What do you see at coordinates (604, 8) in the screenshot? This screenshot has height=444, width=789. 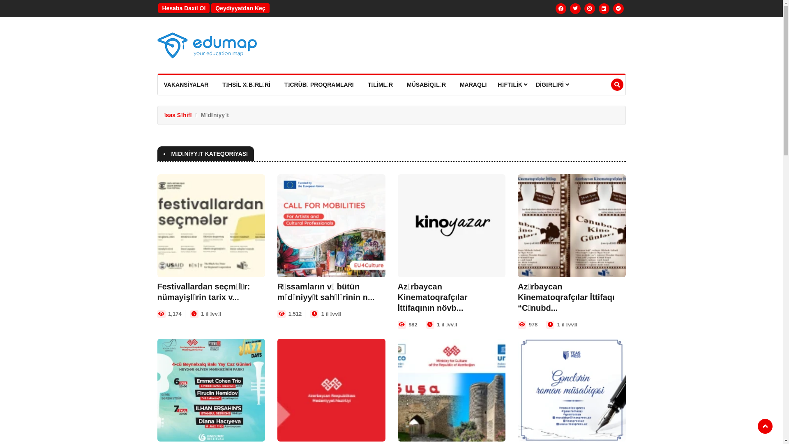 I see `'Linkdin'` at bounding box center [604, 8].